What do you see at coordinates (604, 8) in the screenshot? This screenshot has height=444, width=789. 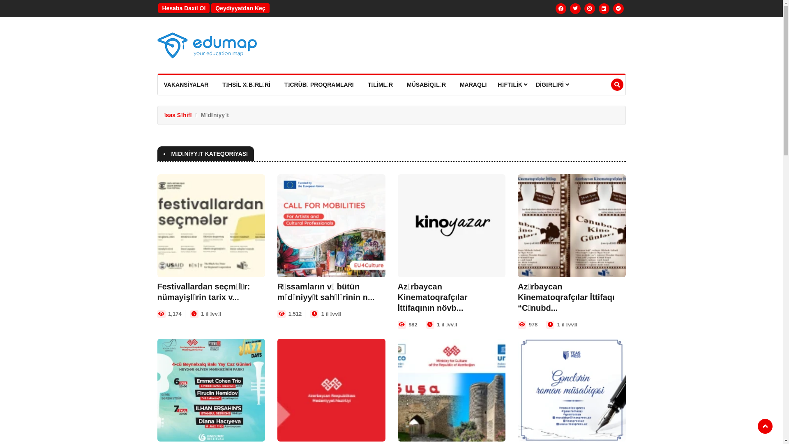 I see `'Linkdin'` at bounding box center [604, 8].